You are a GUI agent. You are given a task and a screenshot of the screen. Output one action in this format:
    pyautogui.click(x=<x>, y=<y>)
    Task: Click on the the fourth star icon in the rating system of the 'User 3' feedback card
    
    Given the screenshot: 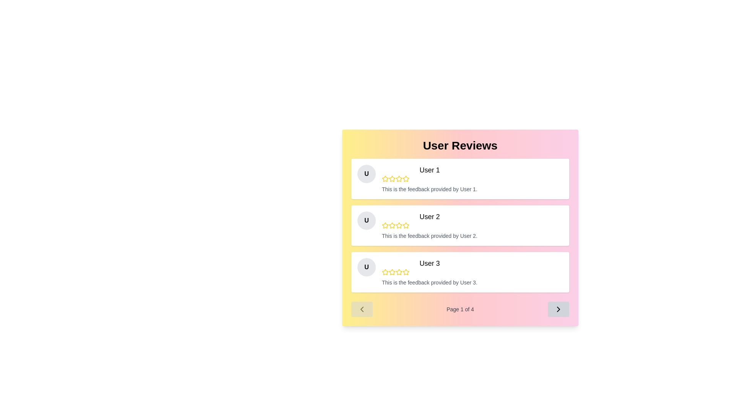 What is the action you would take?
    pyautogui.click(x=405, y=272)
    